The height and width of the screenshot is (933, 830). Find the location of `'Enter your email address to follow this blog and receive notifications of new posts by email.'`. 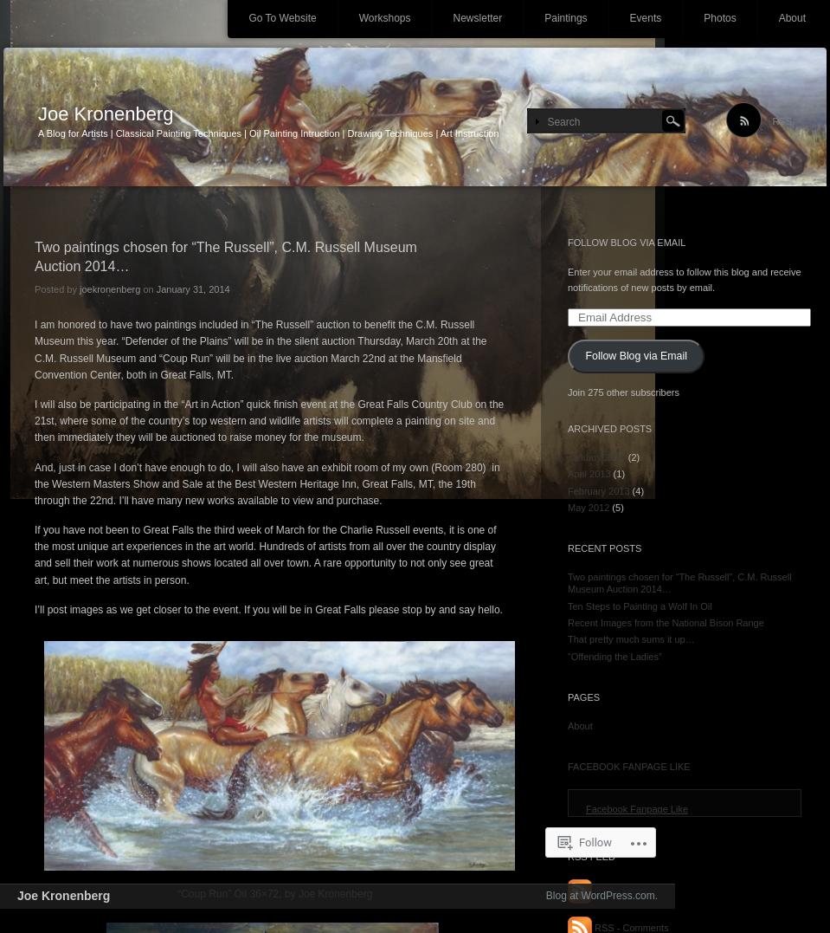

'Enter your email address to follow this blog and receive notifications of new posts by email.' is located at coordinates (684, 279).